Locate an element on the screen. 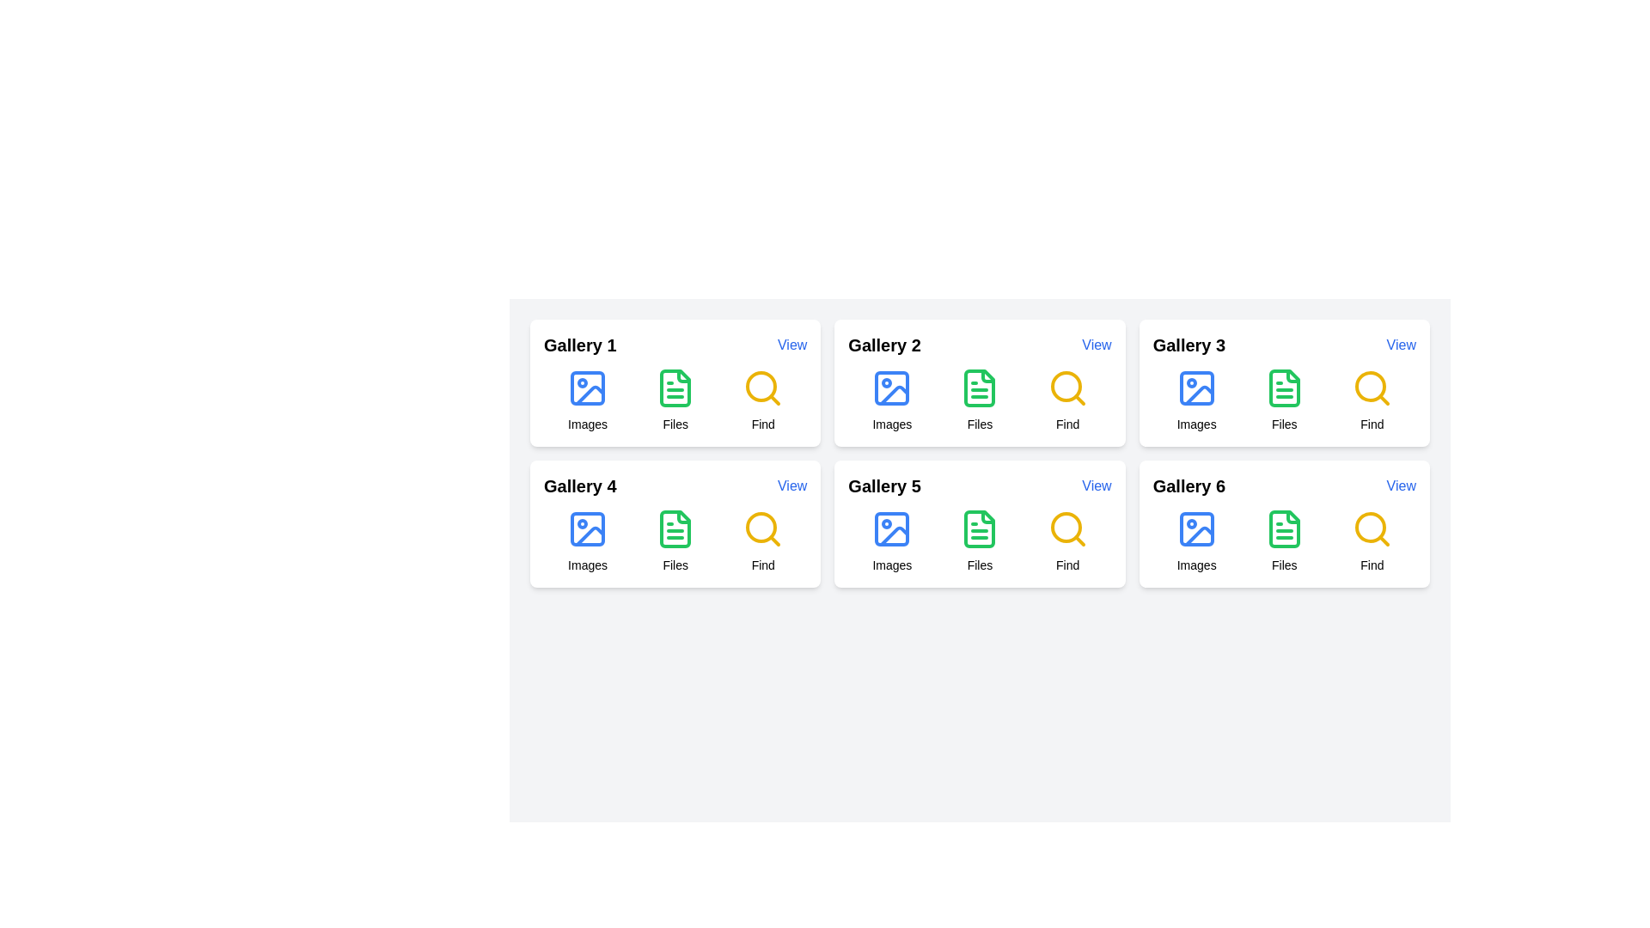 Image resolution: width=1650 pixels, height=928 pixels. the 'Find' icon located in the top-right section of the second gallery card, which represents the search function is located at coordinates (1066, 400).